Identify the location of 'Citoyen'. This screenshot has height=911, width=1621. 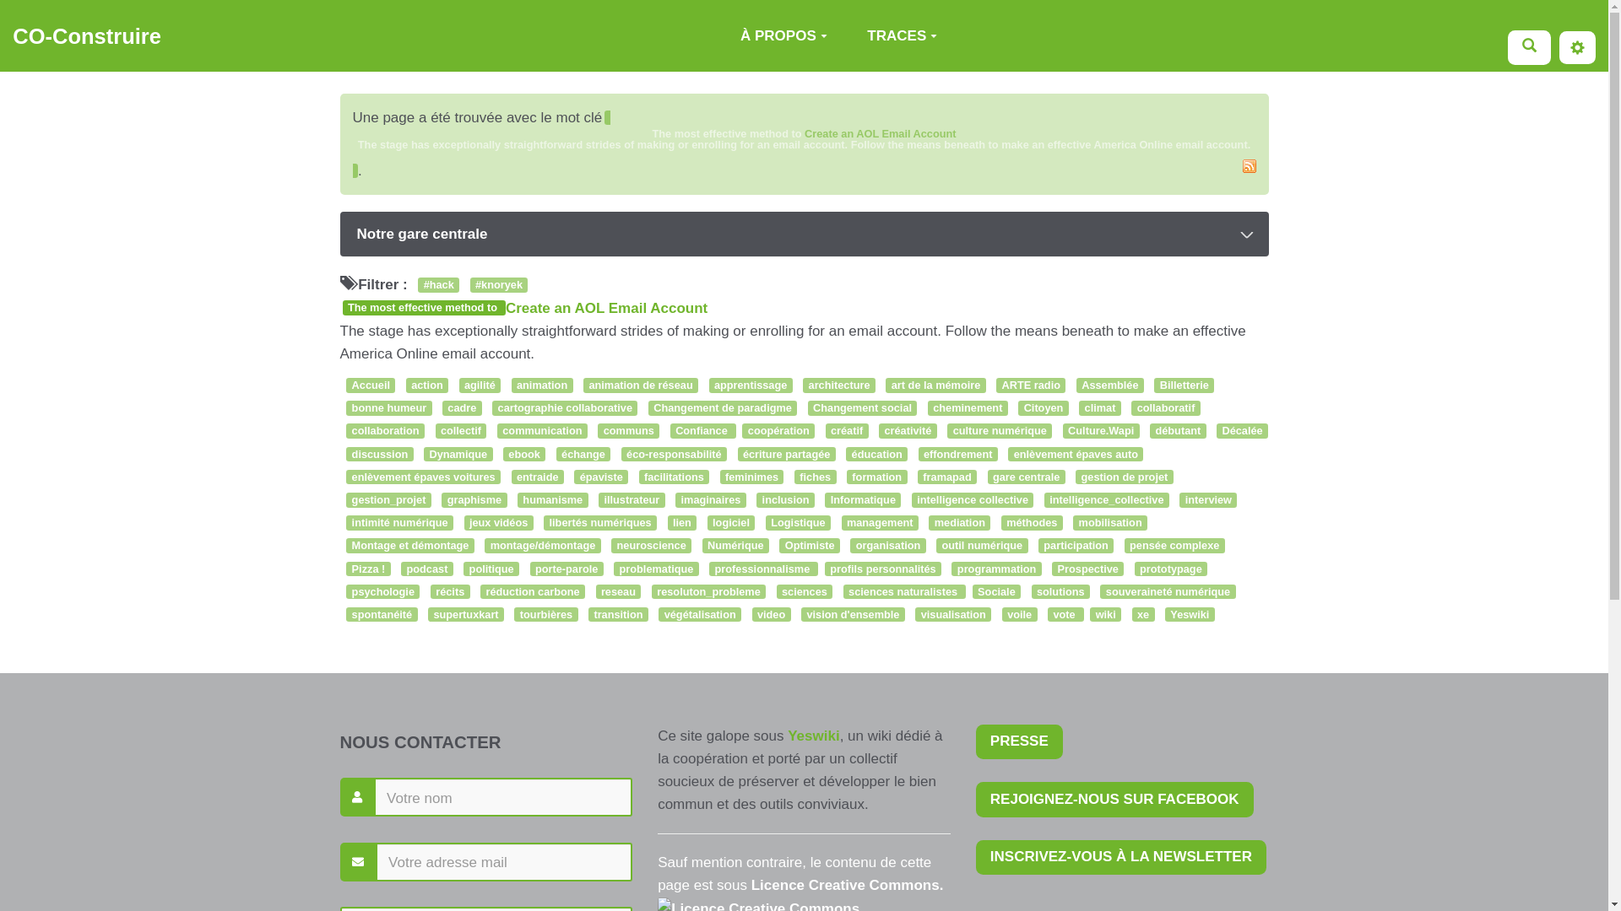
(1017, 407).